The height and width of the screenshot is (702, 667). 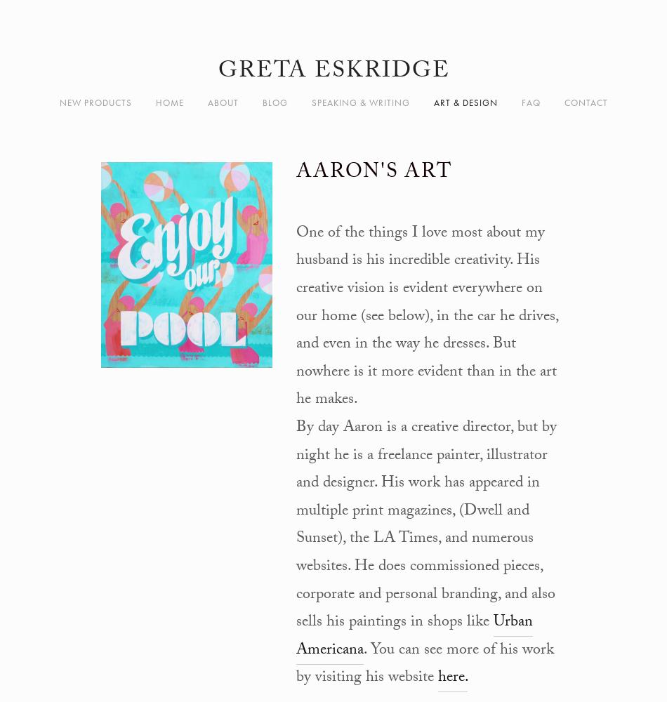 I want to click on 'Urban Americana', so click(x=414, y=637).